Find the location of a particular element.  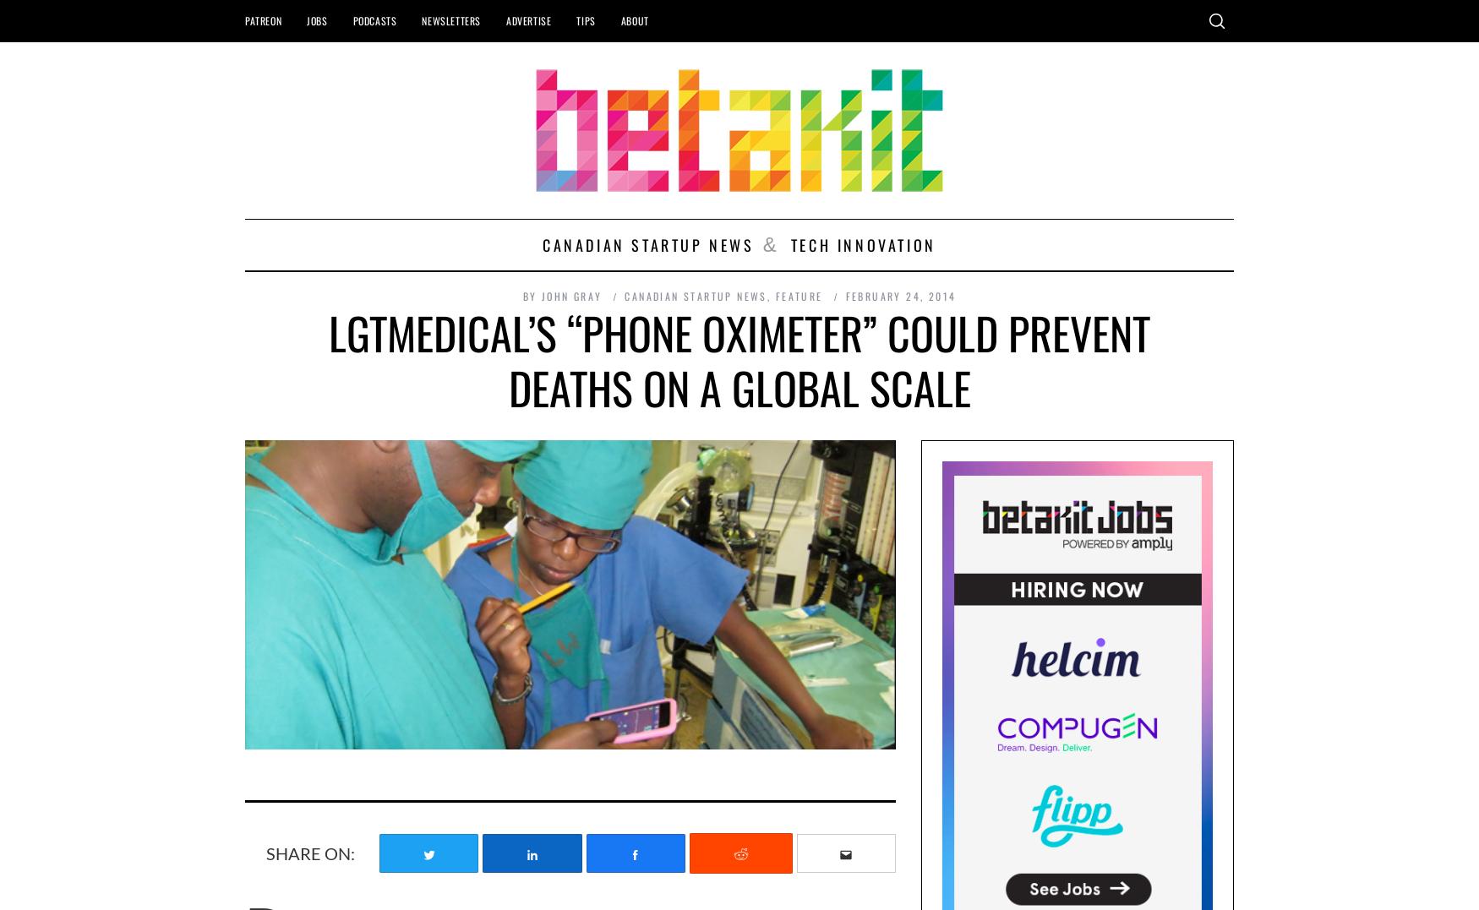

'Tips' is located at coordinates (586, 19).